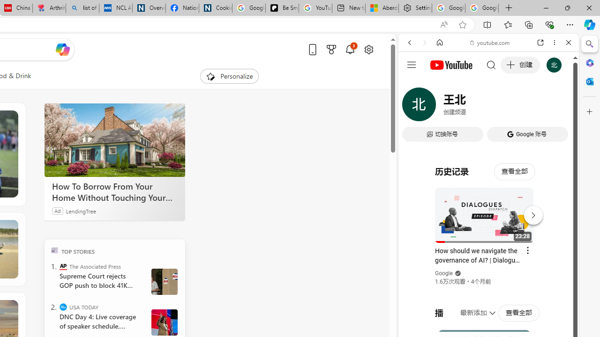  Describe the element at coordinates (589, 24) in the screenshot. I see `'Copilot (Ctrl+Shift+.)'` at that location.